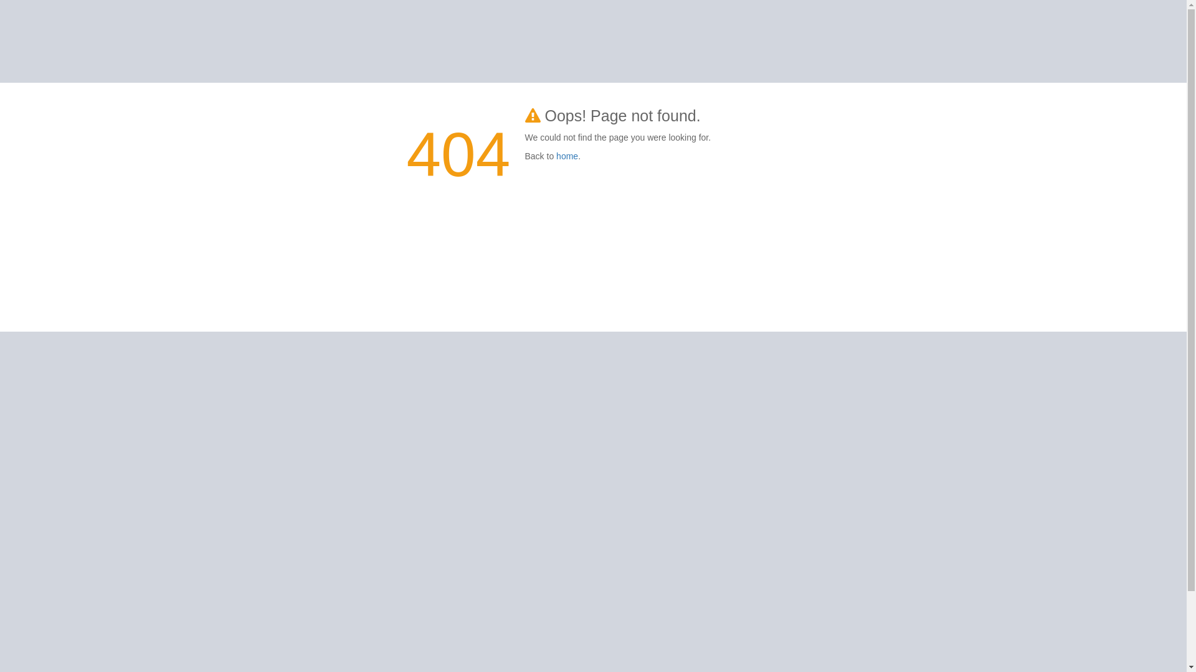 This screenshot has height=672, width=1196. I want to click on 'home', so click(566, 155).